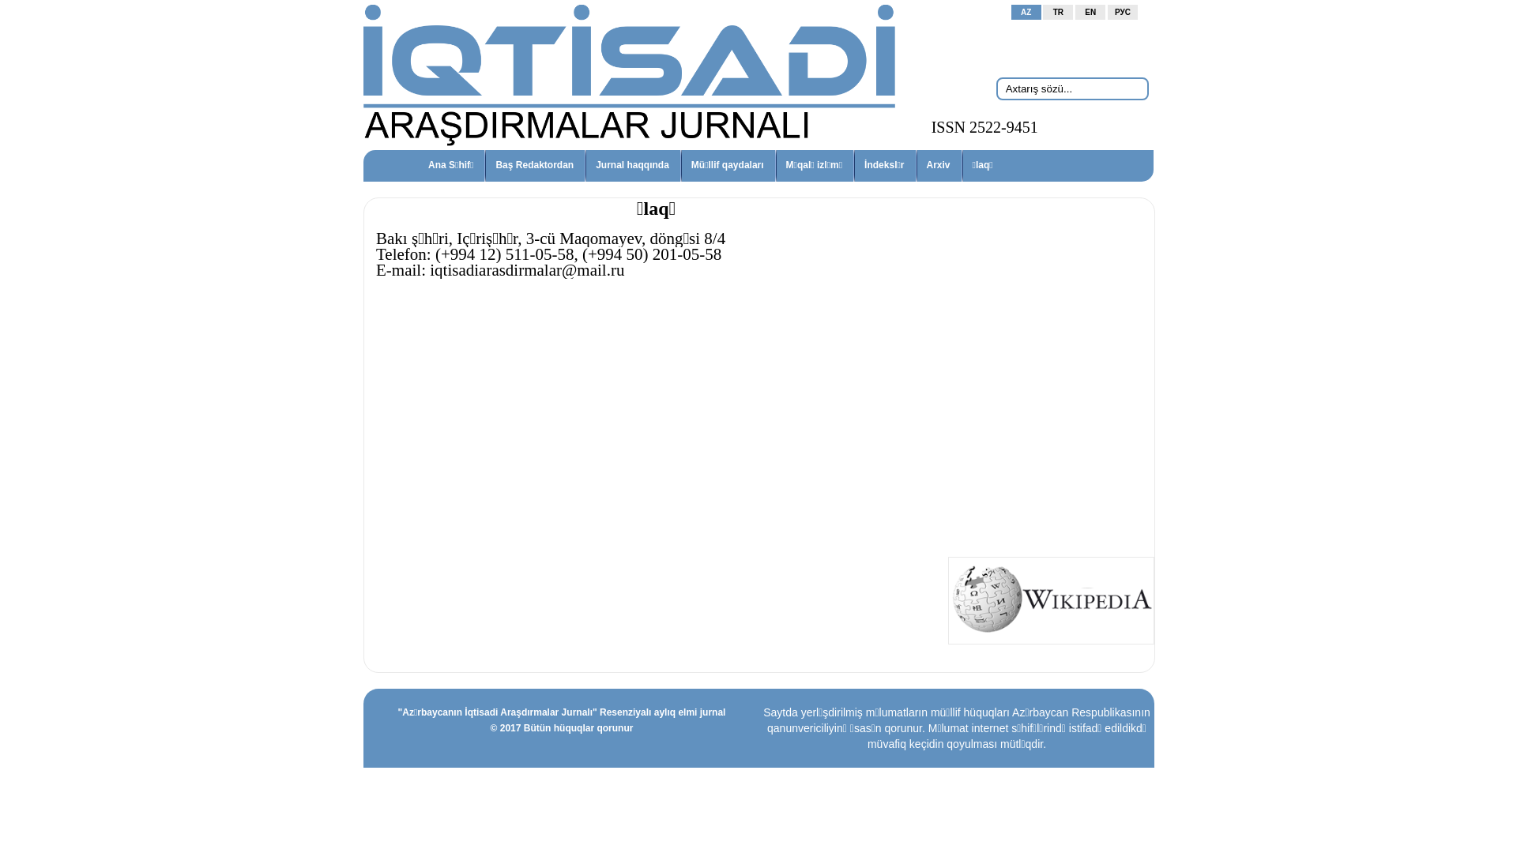 Image resolution: width=1517 pixels, height=853 pixels. Describe the element at coordinates (1058, 12) in the screenshot. I see `'TR'` at that location.